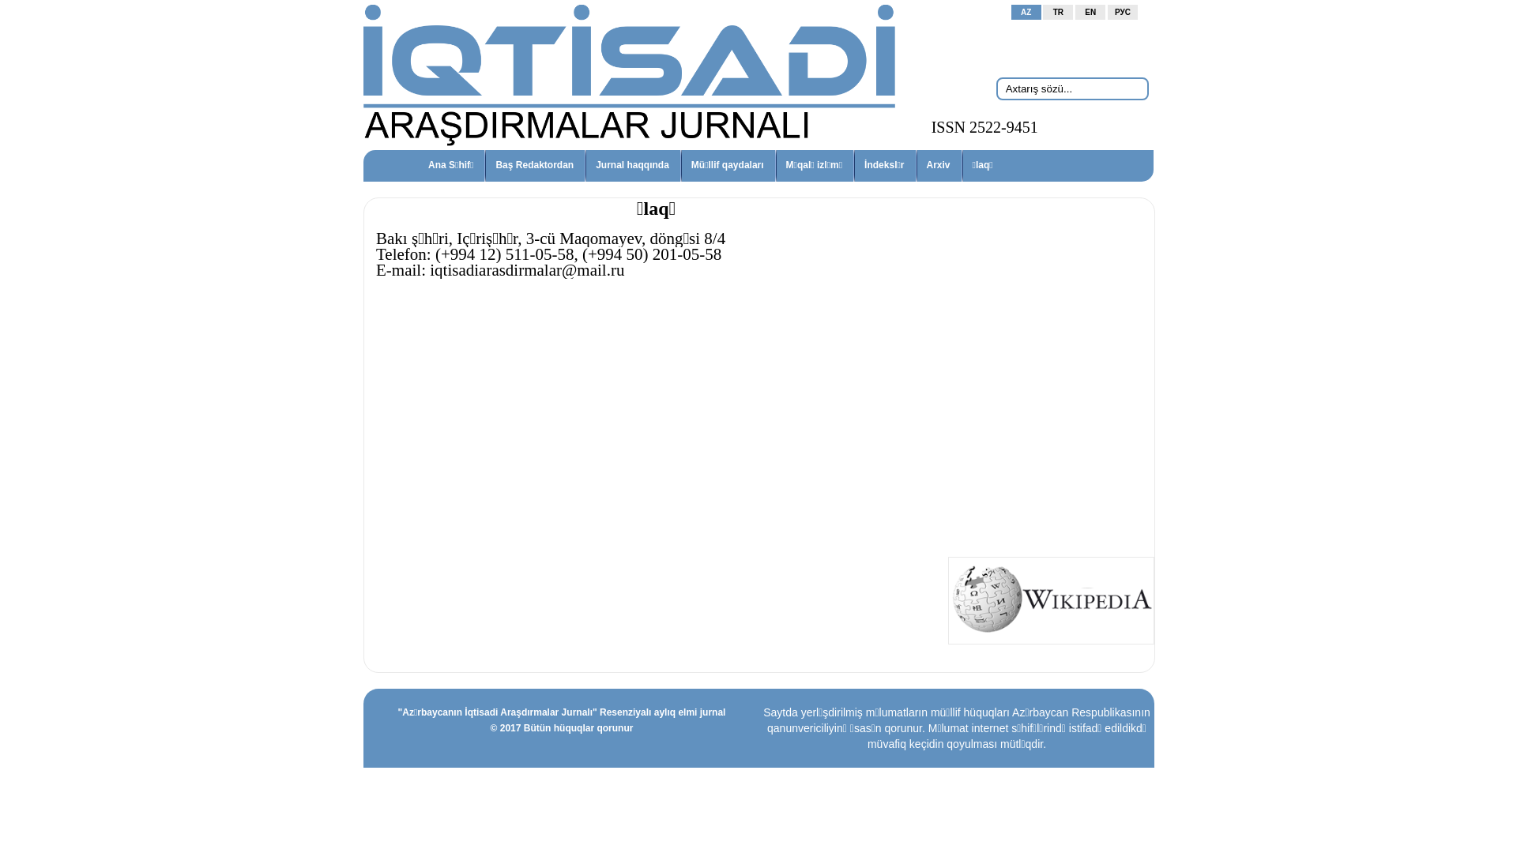 Image resolution: width=1517 pixels, height=853 pixels. Describe the element at coordinates (1058, 12) in the screenshot. I see `'TR'` at that location.